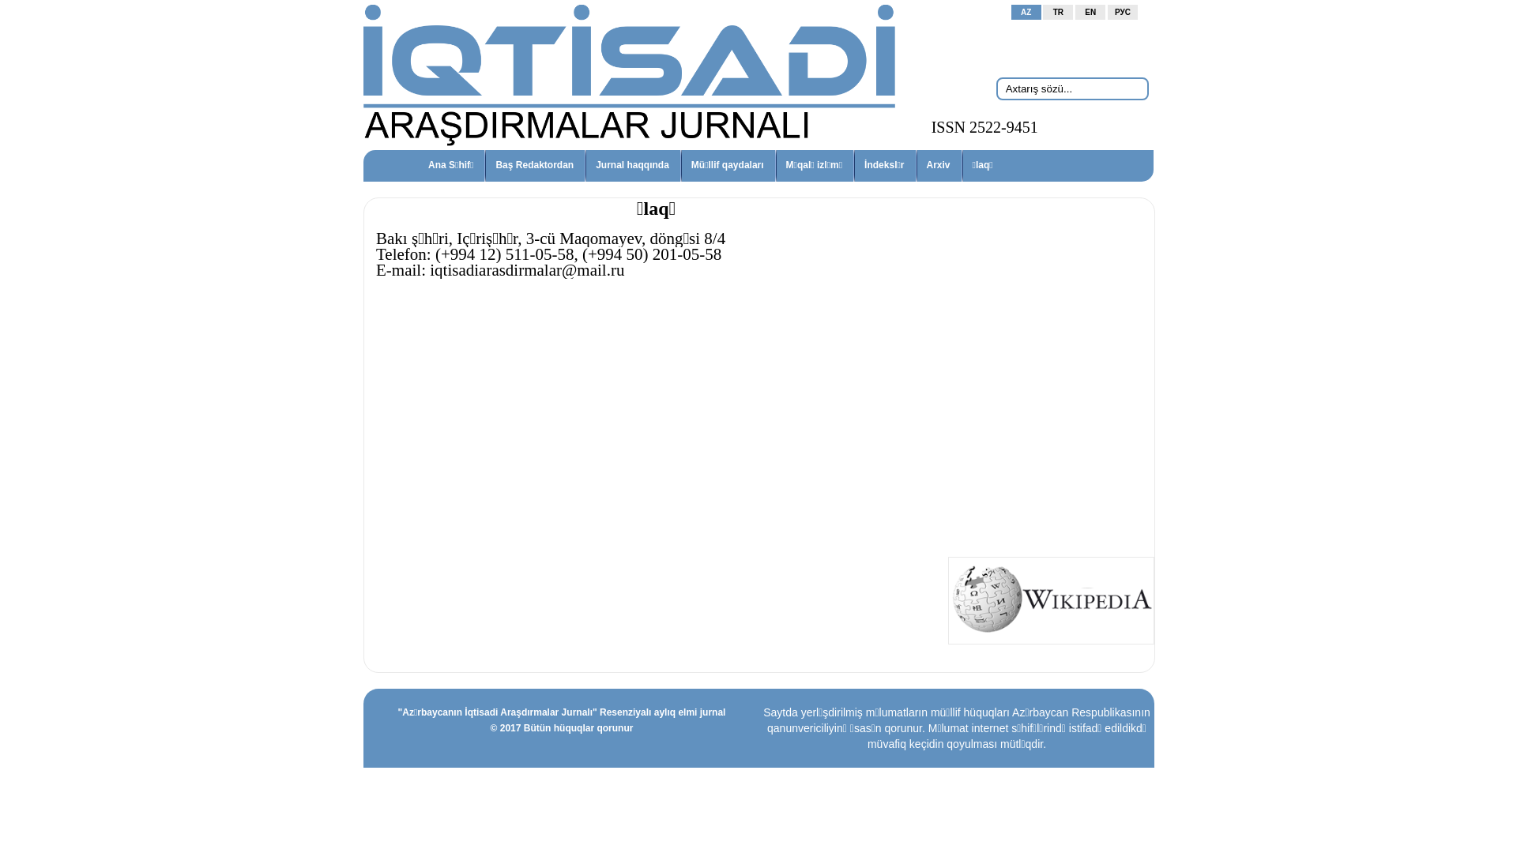 Image resolution: width=1517 pixels, height=853 pixels. Describe the element at coordinates (1058, 12) in the screenshot. I see `'TR'` at that location.